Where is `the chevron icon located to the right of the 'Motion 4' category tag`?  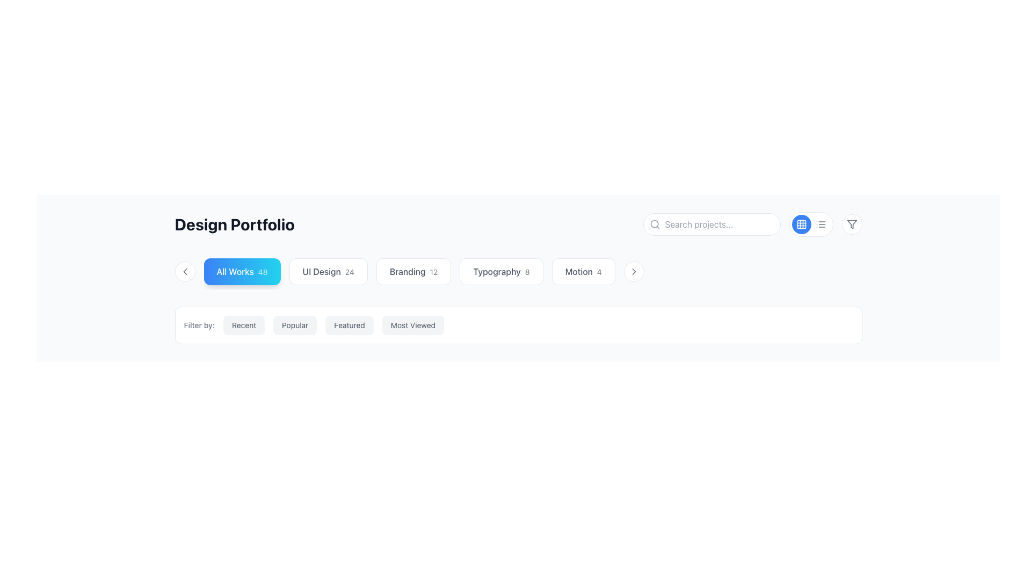 the chevron icon located to the right of the 'Motion 4' category tag is located at coordinates (634, 271).